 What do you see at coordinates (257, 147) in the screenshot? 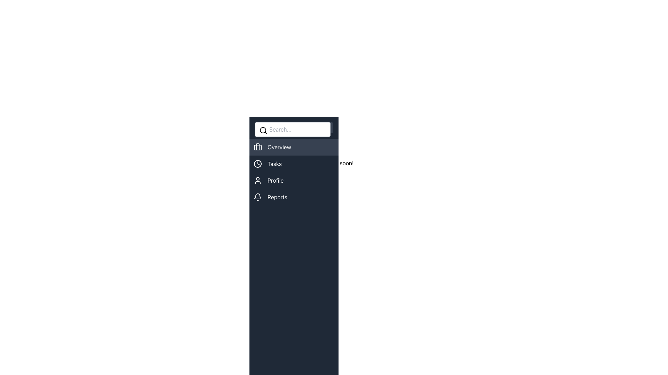
I see `the briefcase icon representing the 'Overview' section in the left-side navigation bar` at bounding box center [257, 147].